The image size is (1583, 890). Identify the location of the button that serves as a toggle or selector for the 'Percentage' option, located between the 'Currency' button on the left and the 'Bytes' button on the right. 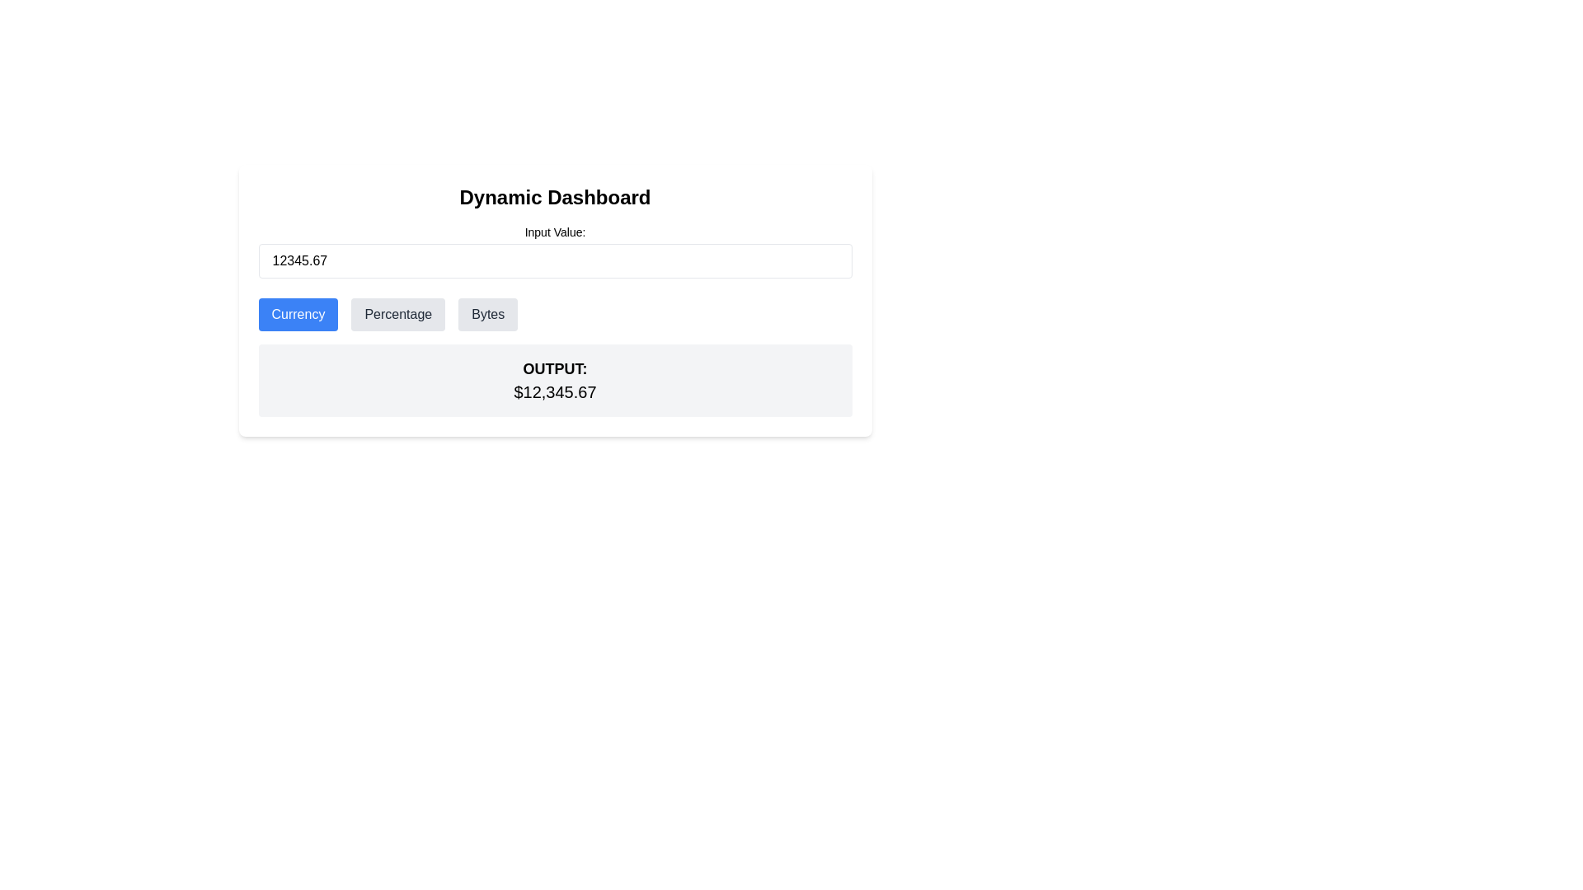
(398, 314).